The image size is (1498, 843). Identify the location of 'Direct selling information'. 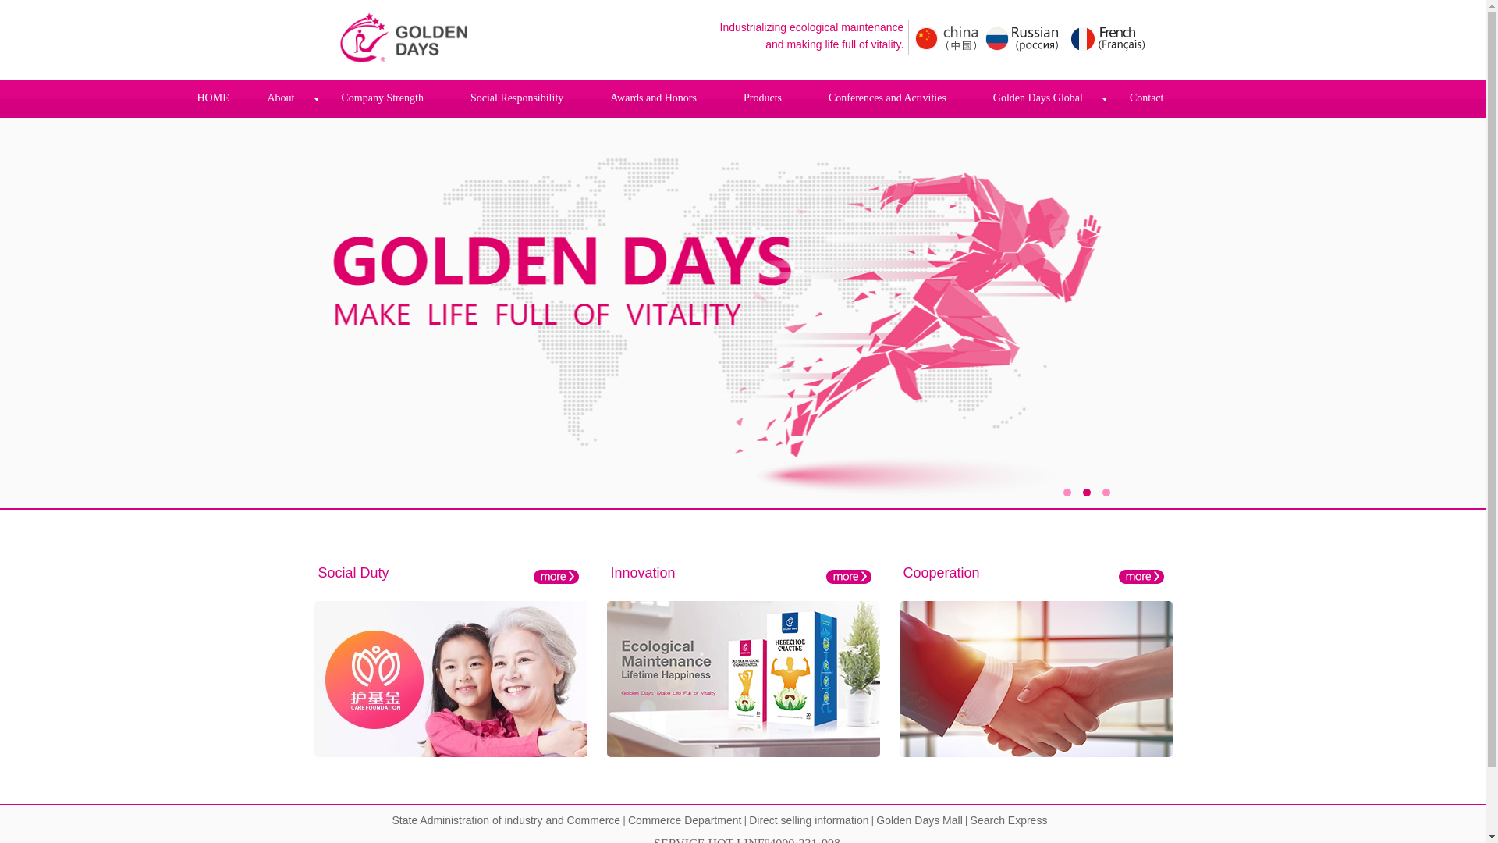
(808, 820).